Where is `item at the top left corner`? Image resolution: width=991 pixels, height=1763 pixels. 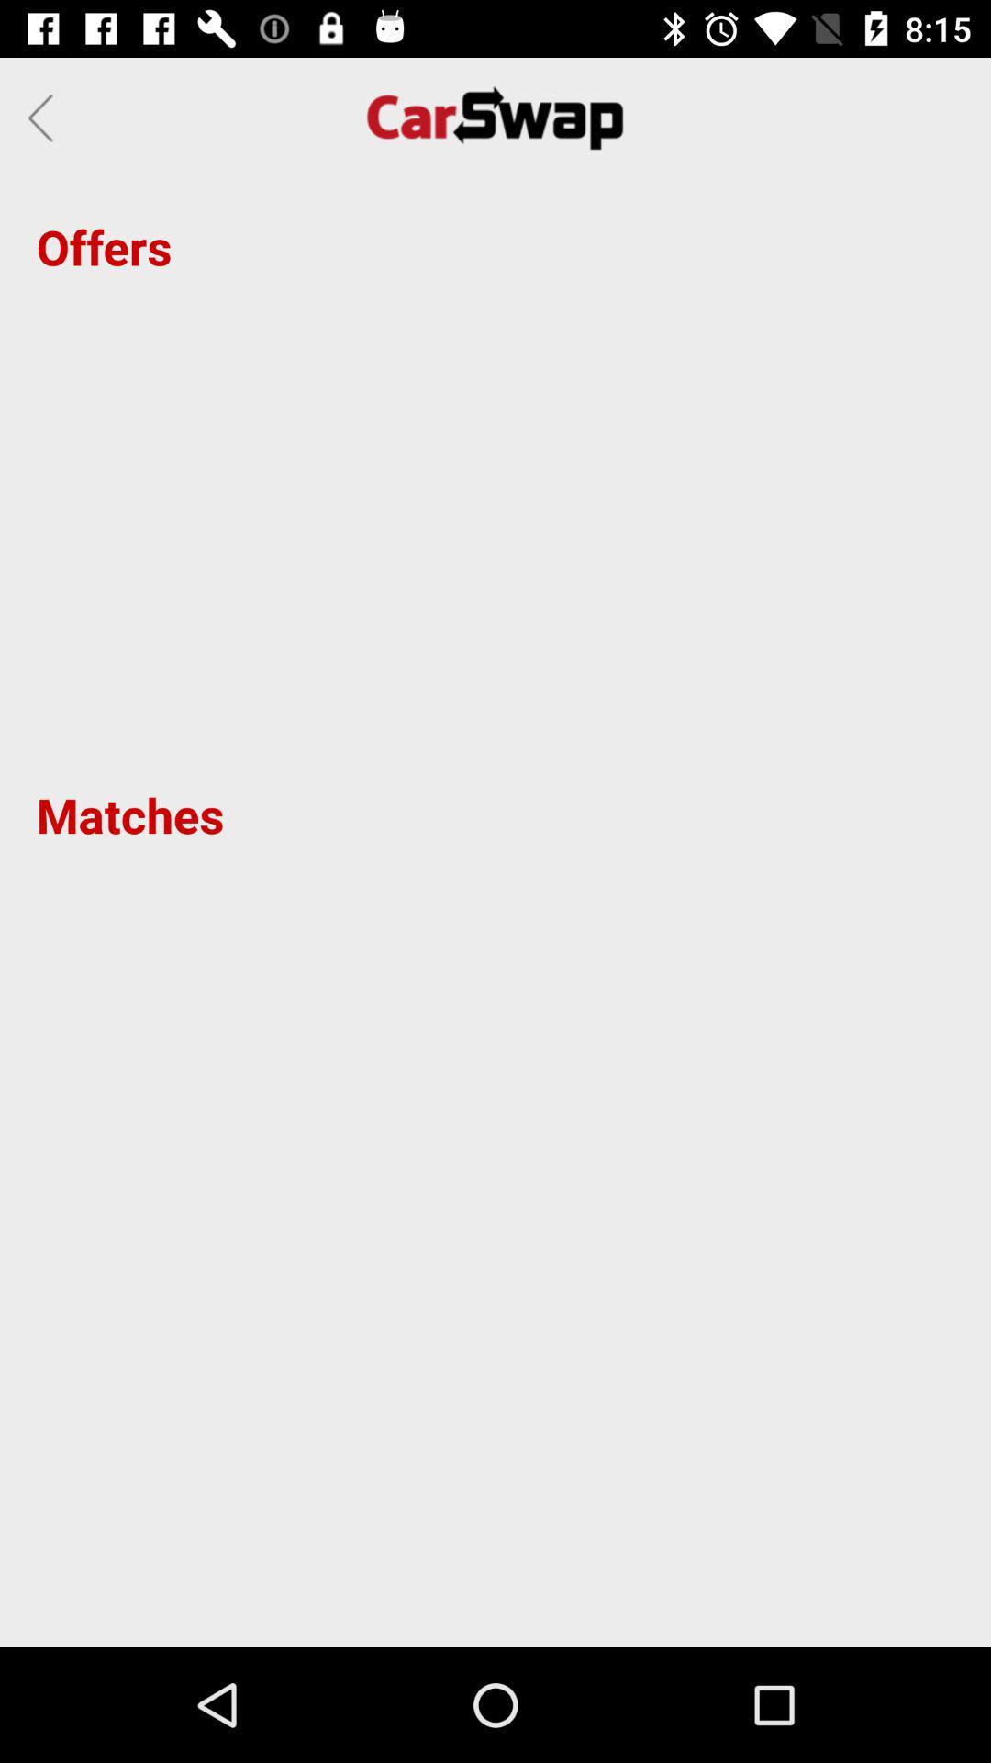
item at the top left corner is located at coordinates (45, 117).